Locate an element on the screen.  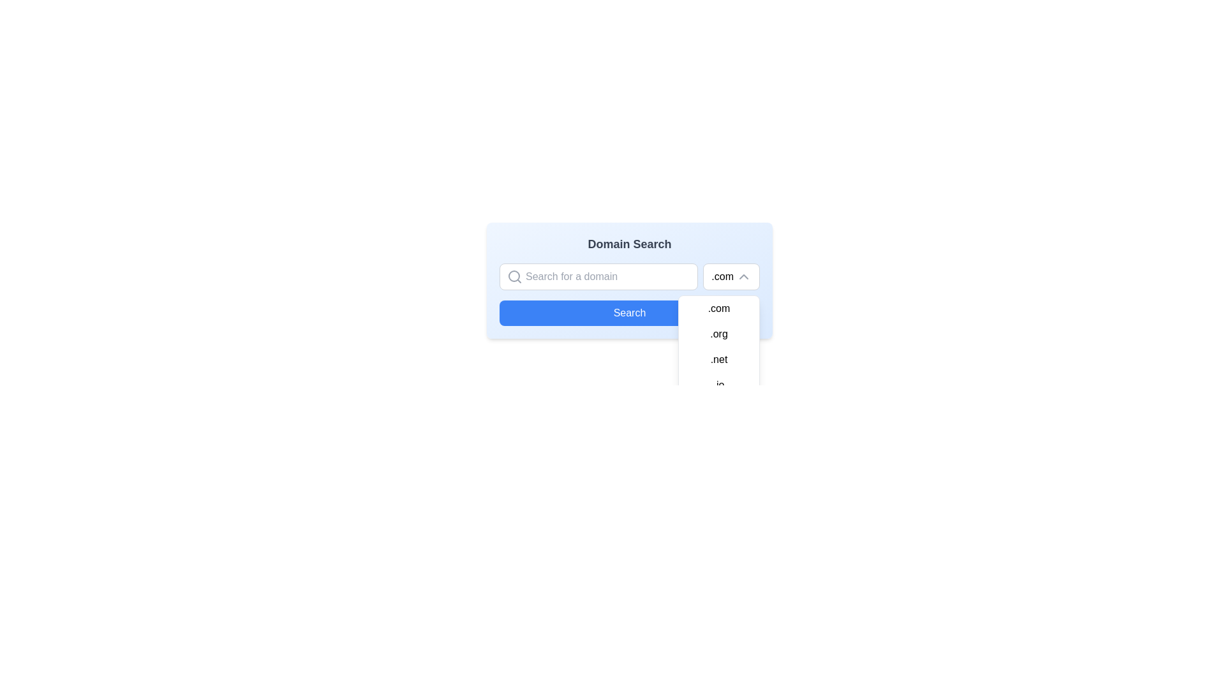
on the text label displaying '.com' inside the dropdown menu for domain extensions is located at coordinates (722, 276).